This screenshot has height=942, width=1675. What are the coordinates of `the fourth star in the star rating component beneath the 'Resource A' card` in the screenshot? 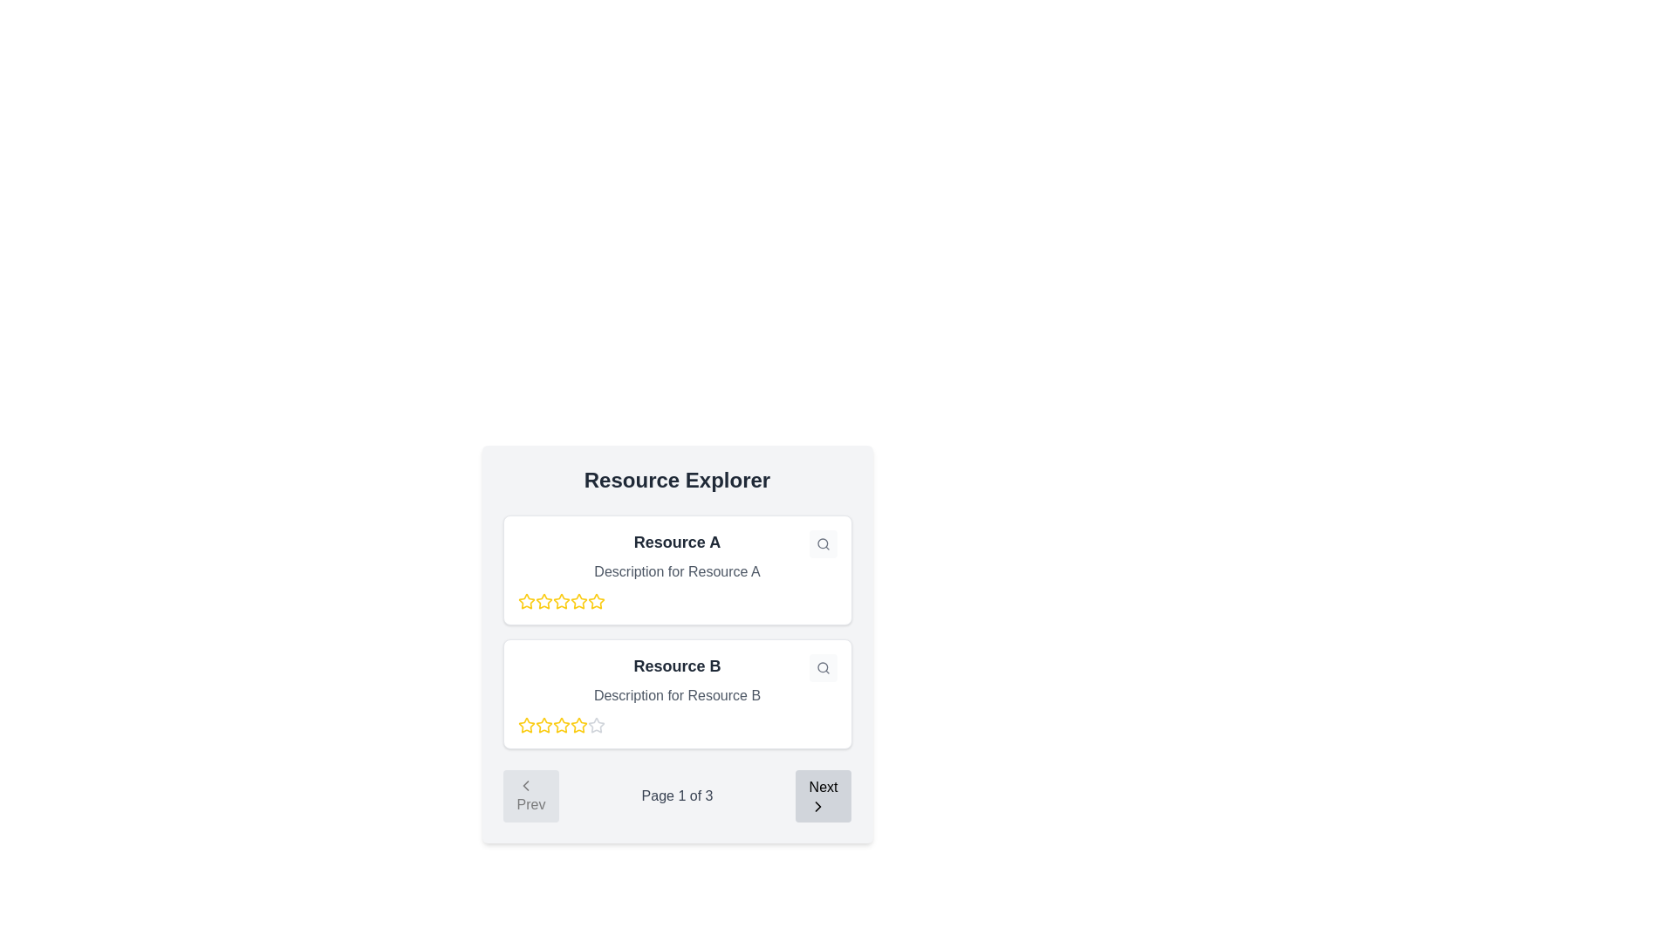 It's located at (596, 600).